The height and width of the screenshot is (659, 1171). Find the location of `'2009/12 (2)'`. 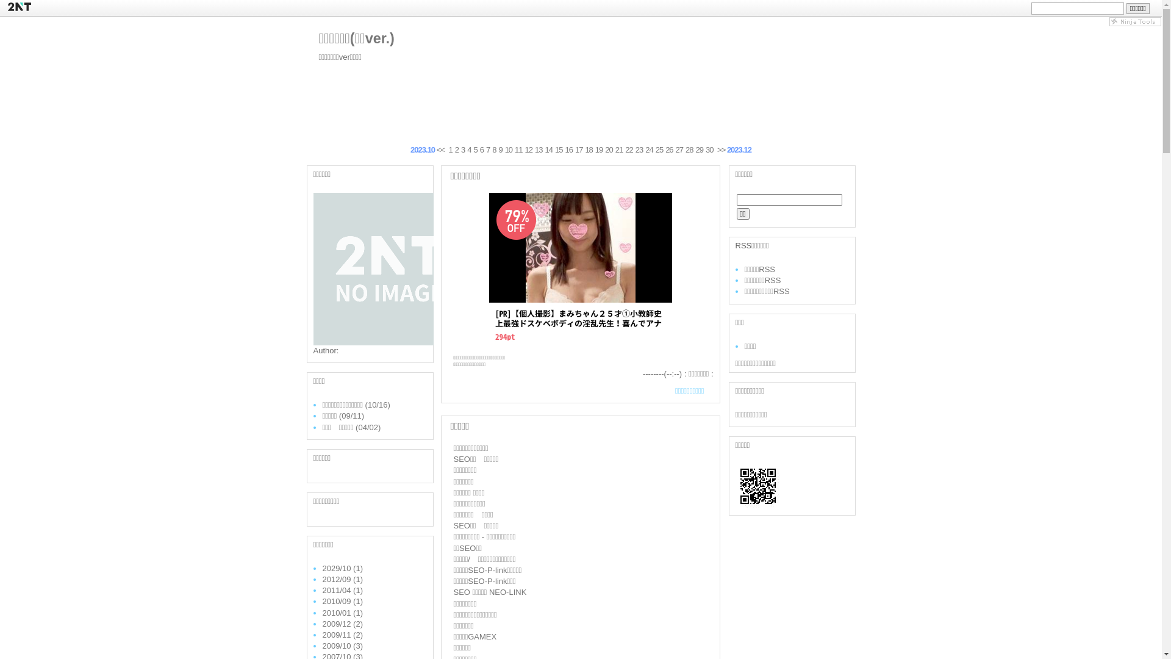

'2009/12 (2)' is located at coordinates (342, 624).